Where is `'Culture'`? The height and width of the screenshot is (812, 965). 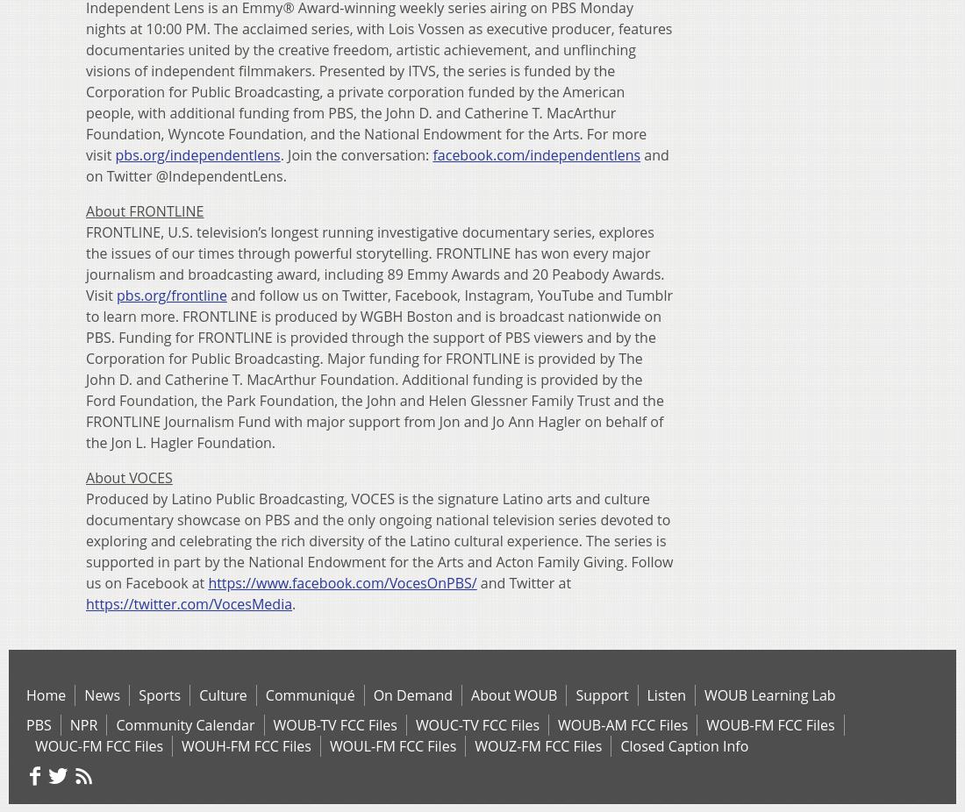 'Culture' is located at coordinates (222, 694).